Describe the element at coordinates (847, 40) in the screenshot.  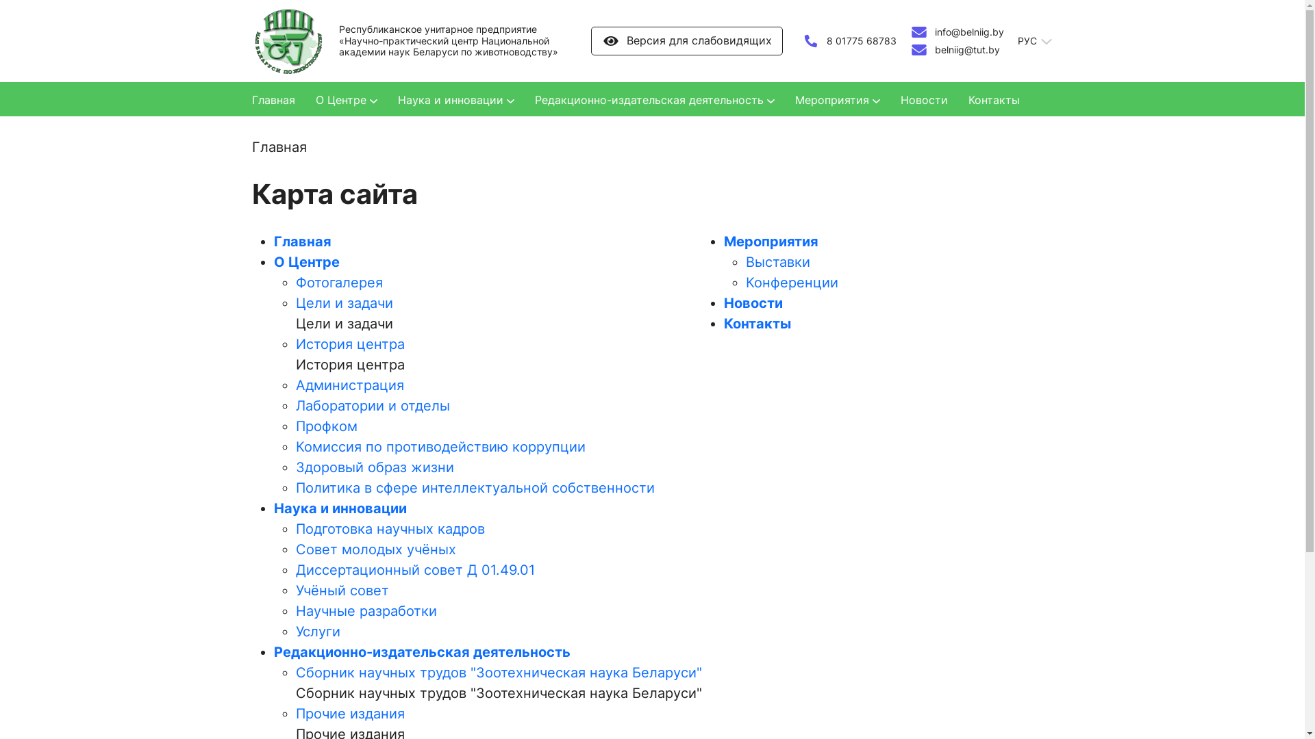
I see `'8 01775 68783'` at that location.